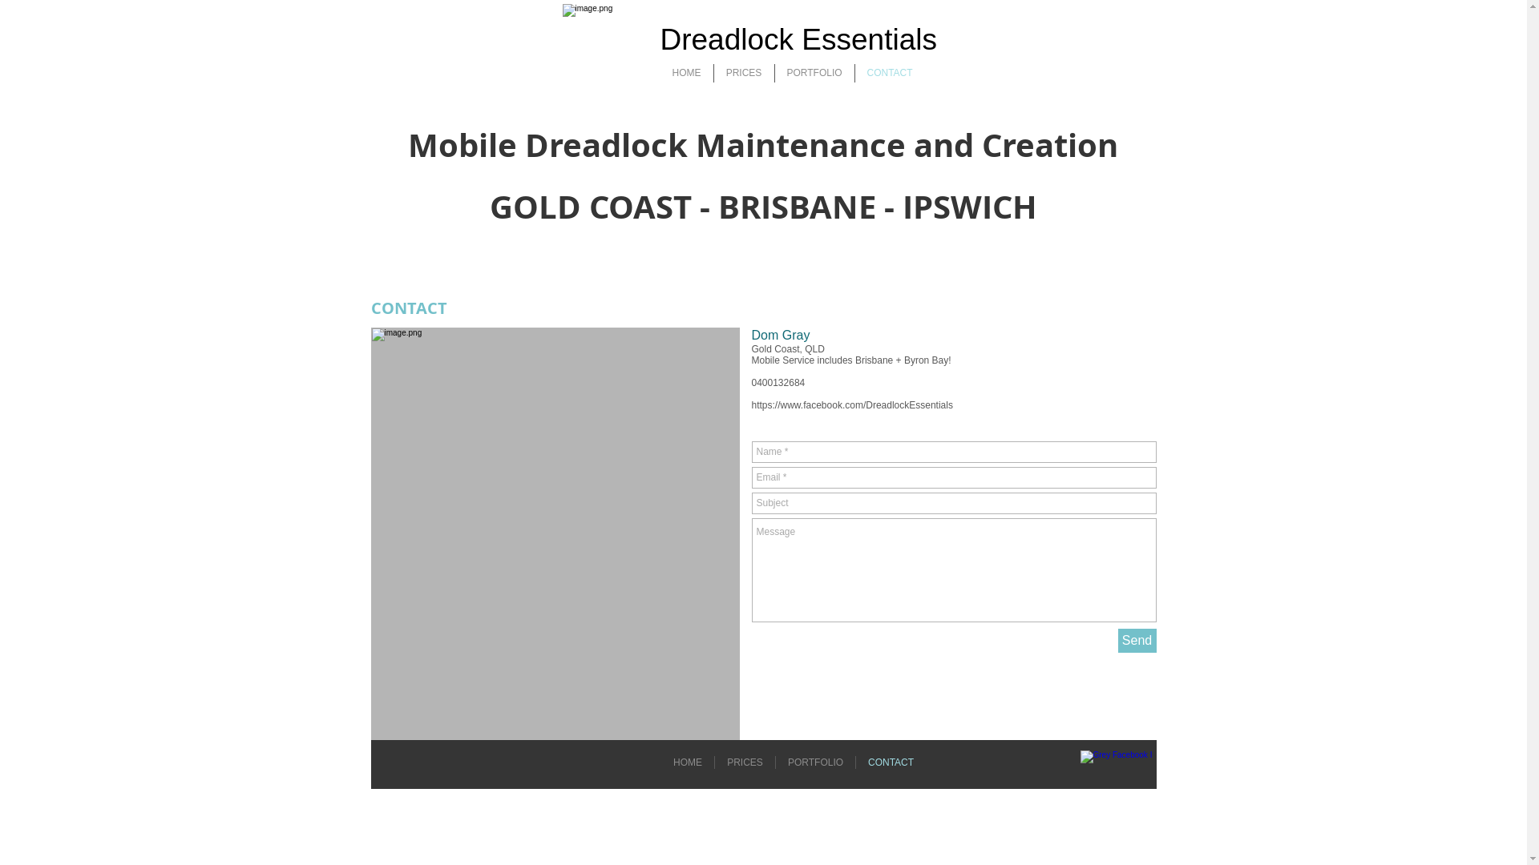  I want to click on 'https://www.facebook.com/DreadlockEssentials', so click(750, 404).